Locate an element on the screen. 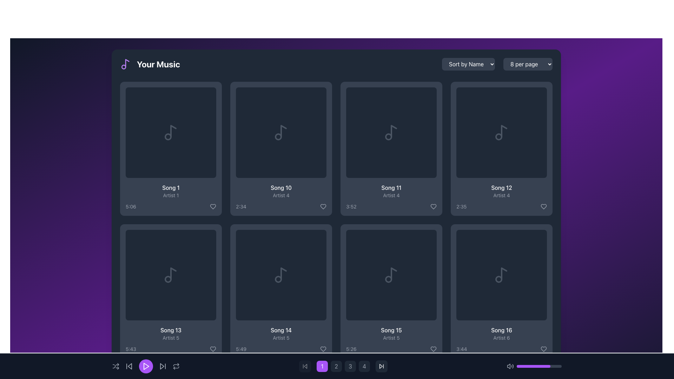 The image size is (674, 379). the purple progress bar segment within the gray progress bar is located at coordinates (534, 366).